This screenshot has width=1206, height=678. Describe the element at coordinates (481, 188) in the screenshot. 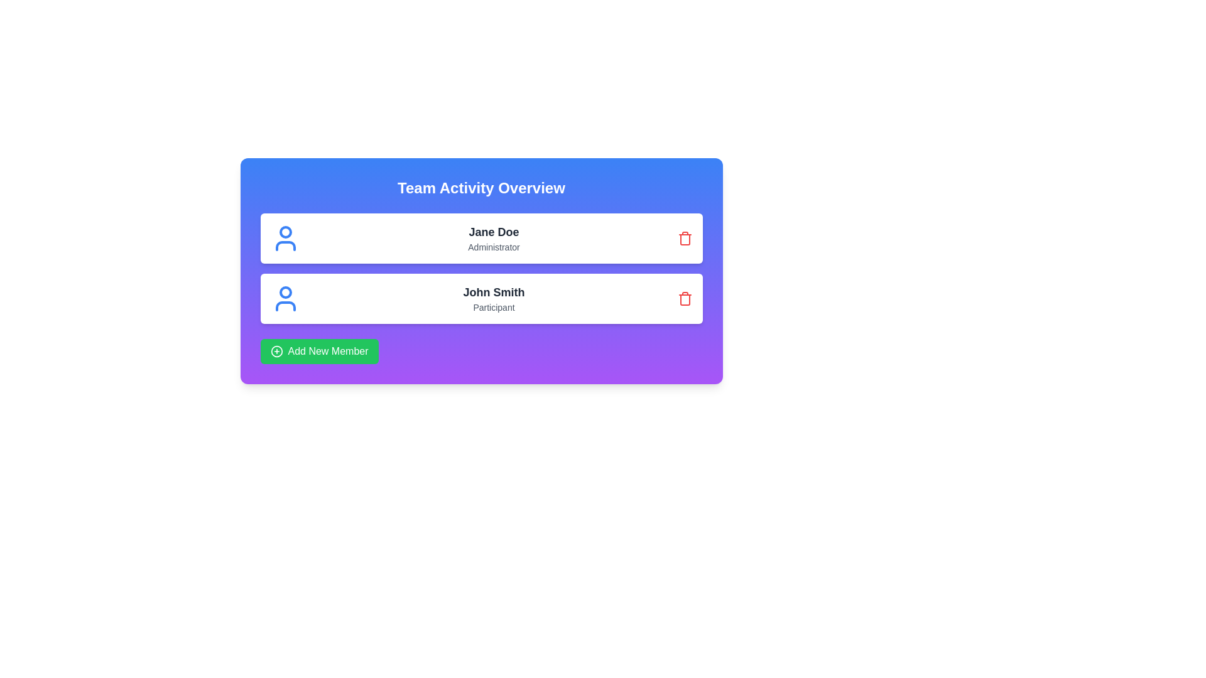

I see `the Text Label that serves as a header for the section, providing an overview of team activities` at that location.